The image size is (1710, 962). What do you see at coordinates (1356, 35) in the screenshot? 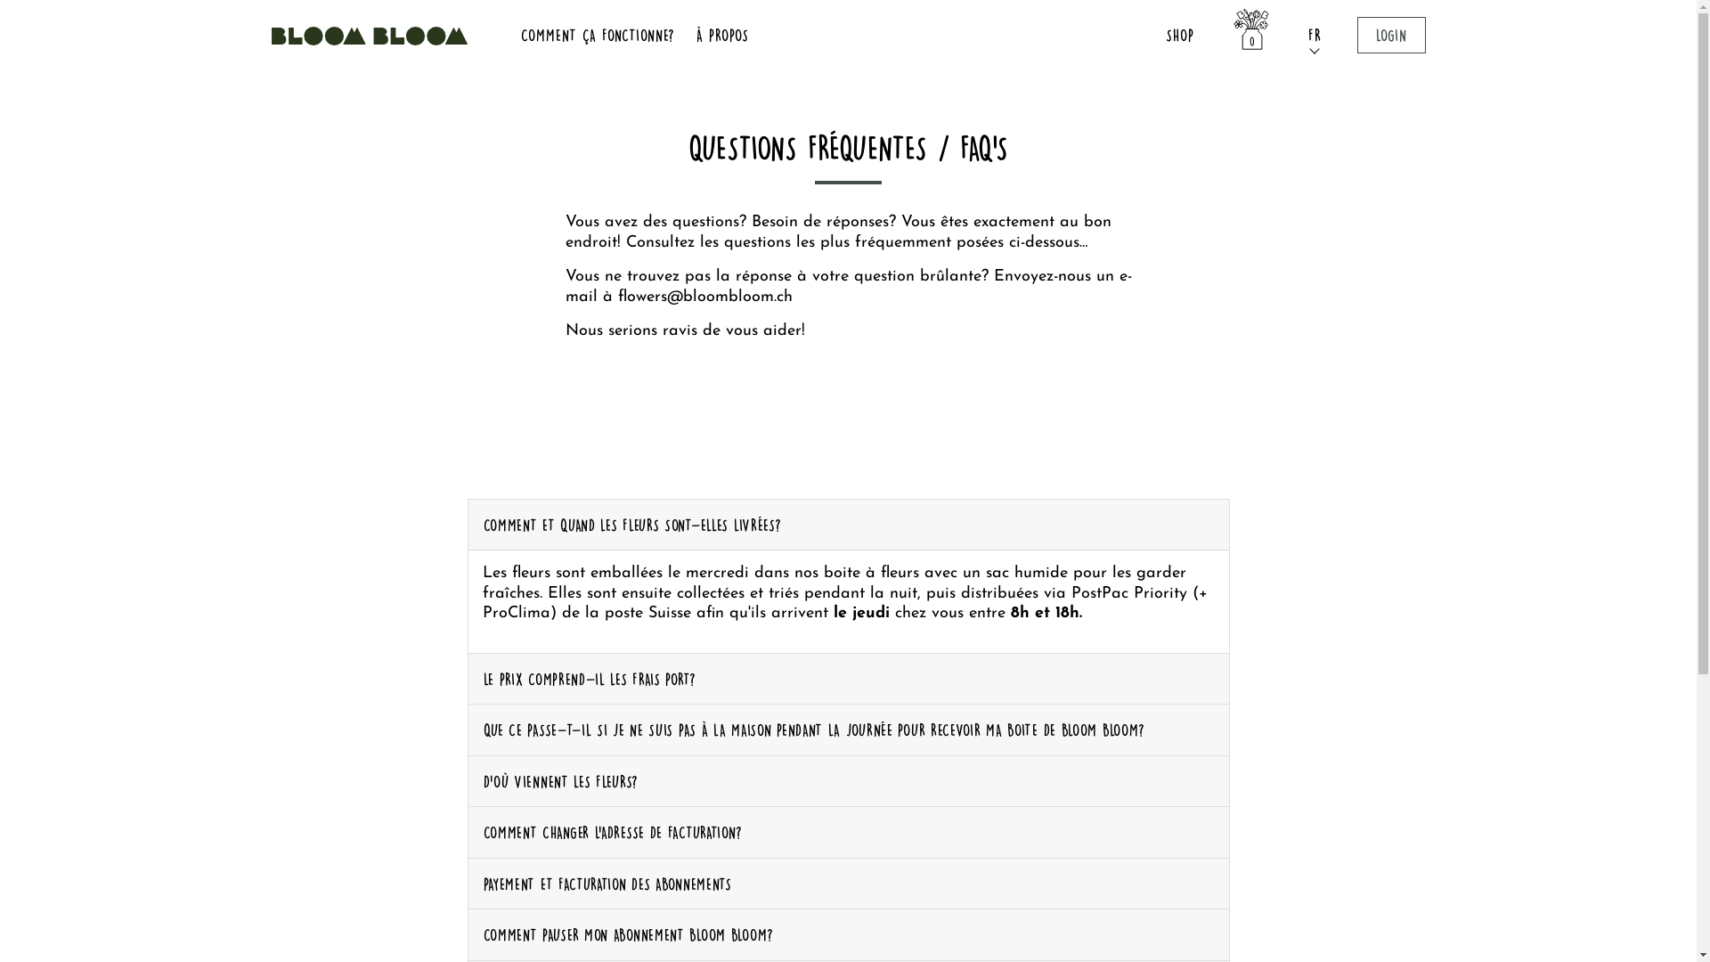
I see `'LOGIN'` at bounding box center [1356, 35].